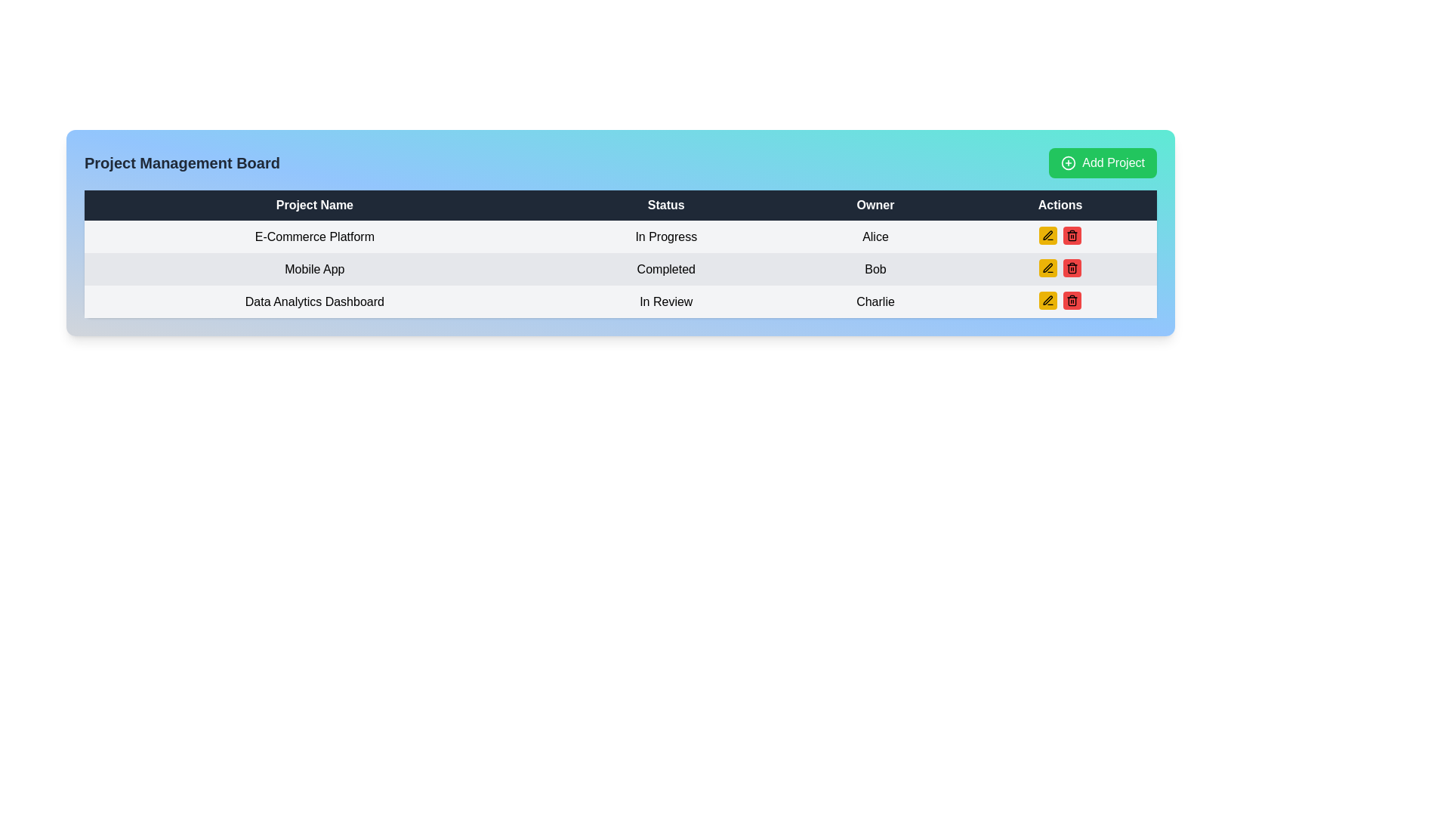  What do you see at coordinates (313, 236) in the screenshot?
I see `the text label displaying the title of the project, which is located in the first row under the 'Project Name' column in the table interface` at bounding box center [313, 236].